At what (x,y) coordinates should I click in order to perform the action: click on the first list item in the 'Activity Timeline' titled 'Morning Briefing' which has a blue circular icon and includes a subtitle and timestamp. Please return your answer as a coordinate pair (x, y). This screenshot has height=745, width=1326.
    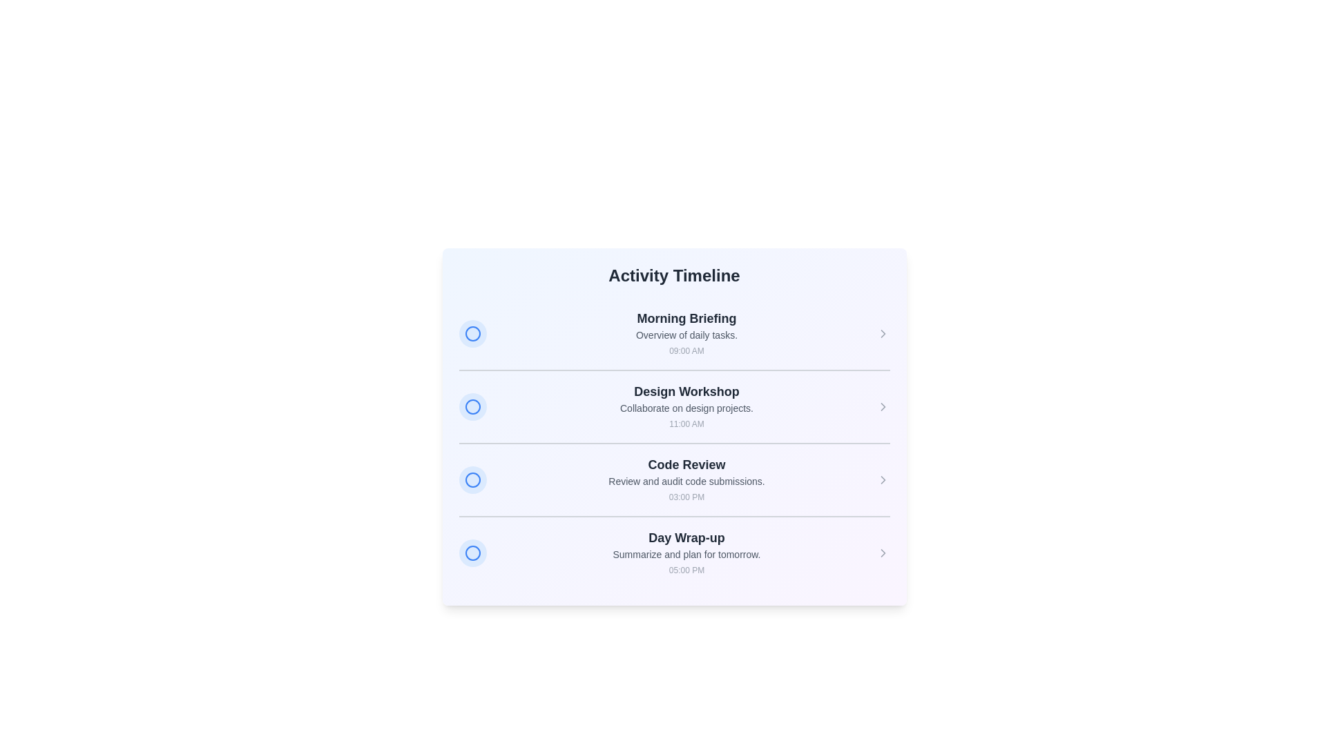
    Looking at the image, I should click on (674, 333).